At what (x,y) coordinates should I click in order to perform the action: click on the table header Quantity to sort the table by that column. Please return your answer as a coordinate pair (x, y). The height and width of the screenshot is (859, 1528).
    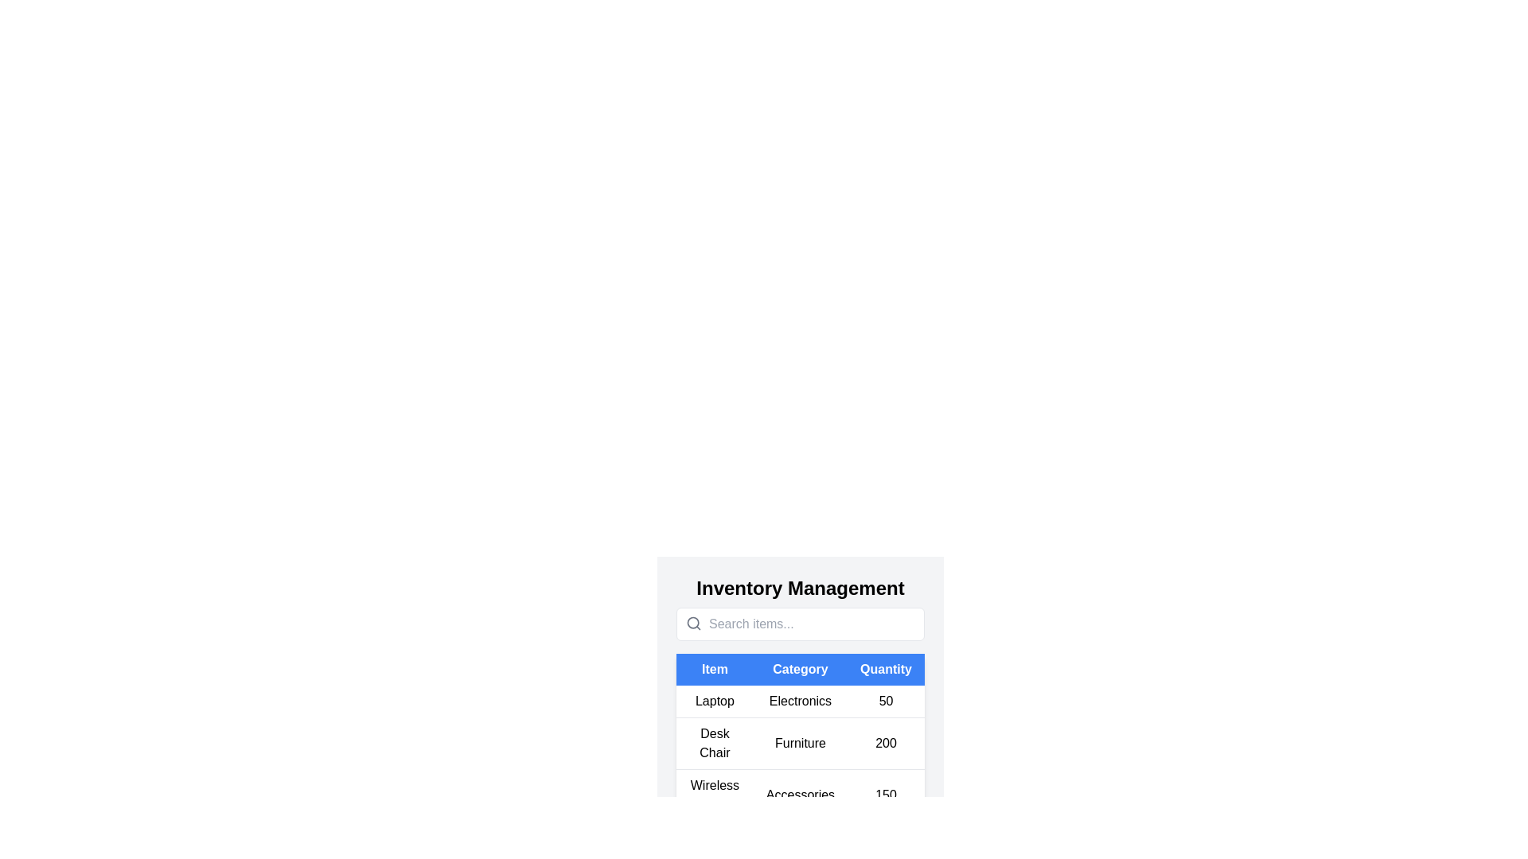
    Looking at the image, I should click on (885, 669).